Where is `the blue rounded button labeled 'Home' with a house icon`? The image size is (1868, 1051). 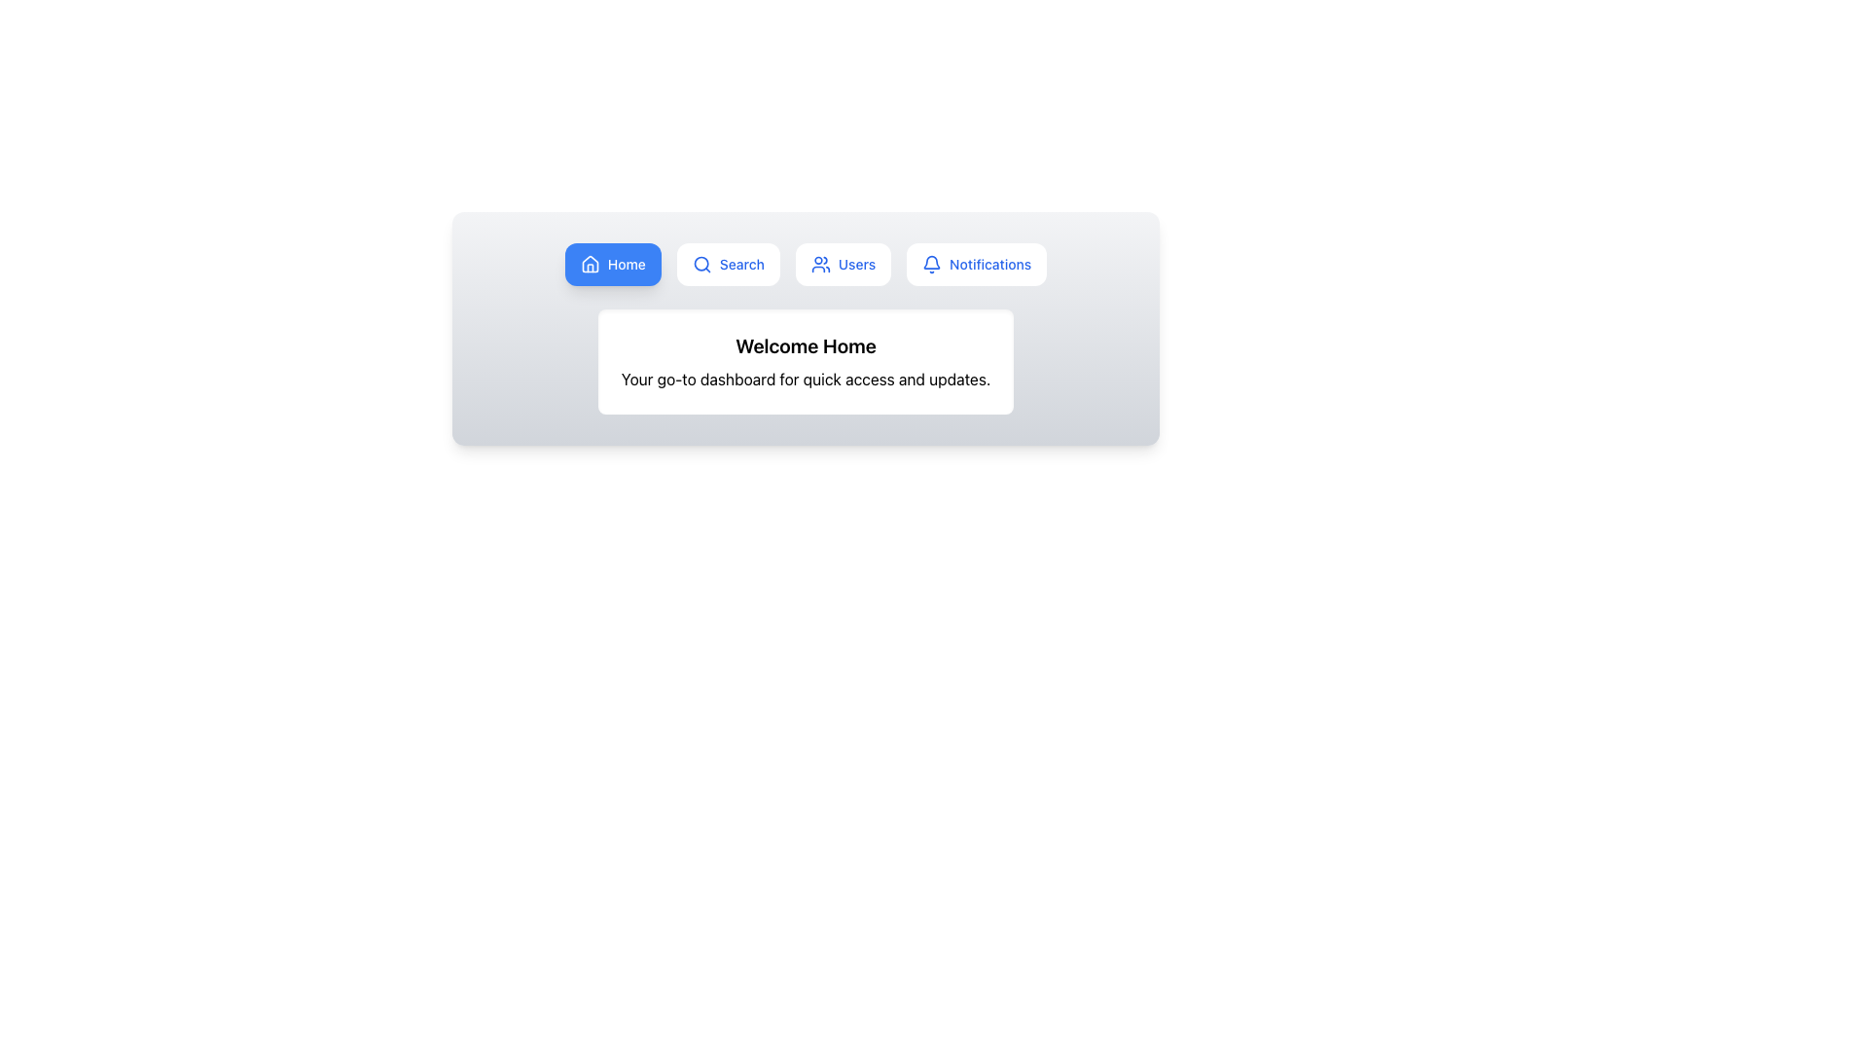 the blue rounded button labeled 'Home' with a house icon is located at coordinates (612, 265).